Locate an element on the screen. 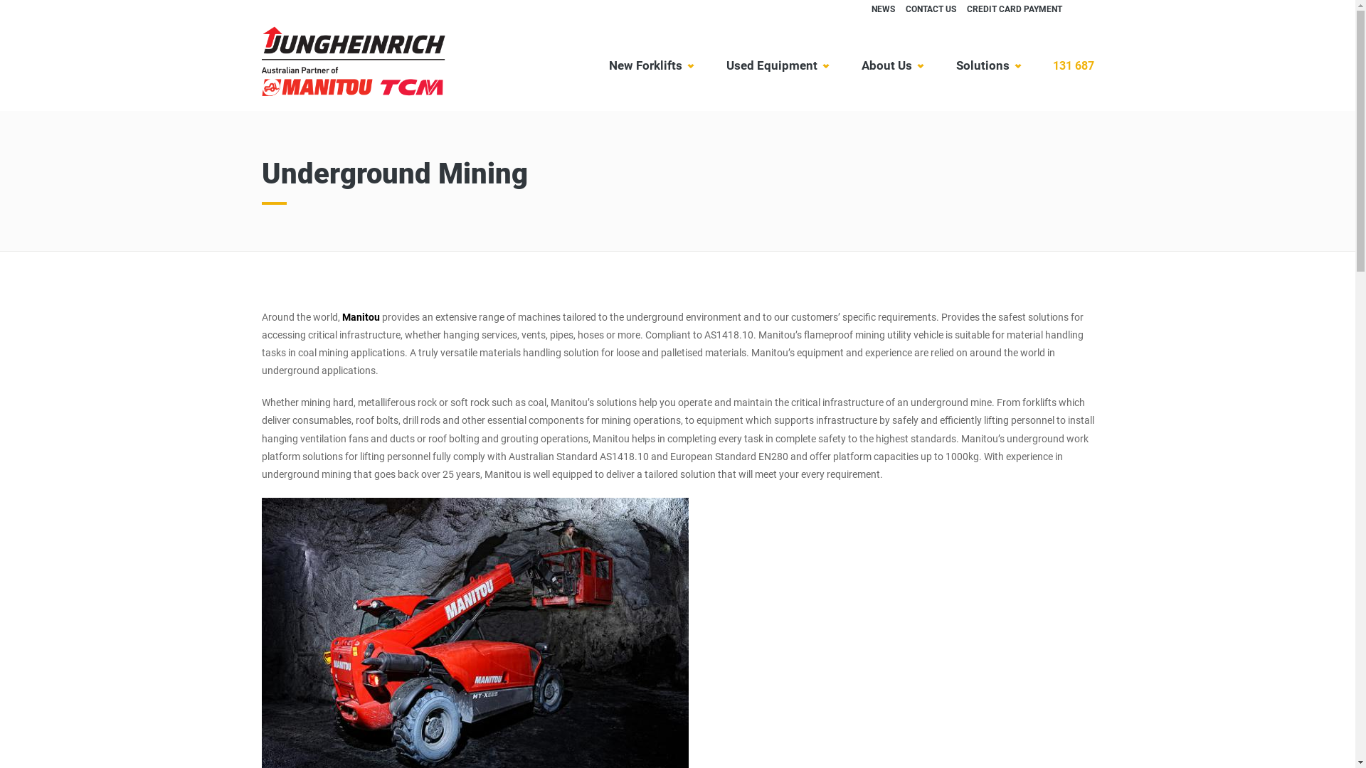 This screenshot has height=768, width=1366. 'Jungheinrich' is located at coordinates (354, 57).